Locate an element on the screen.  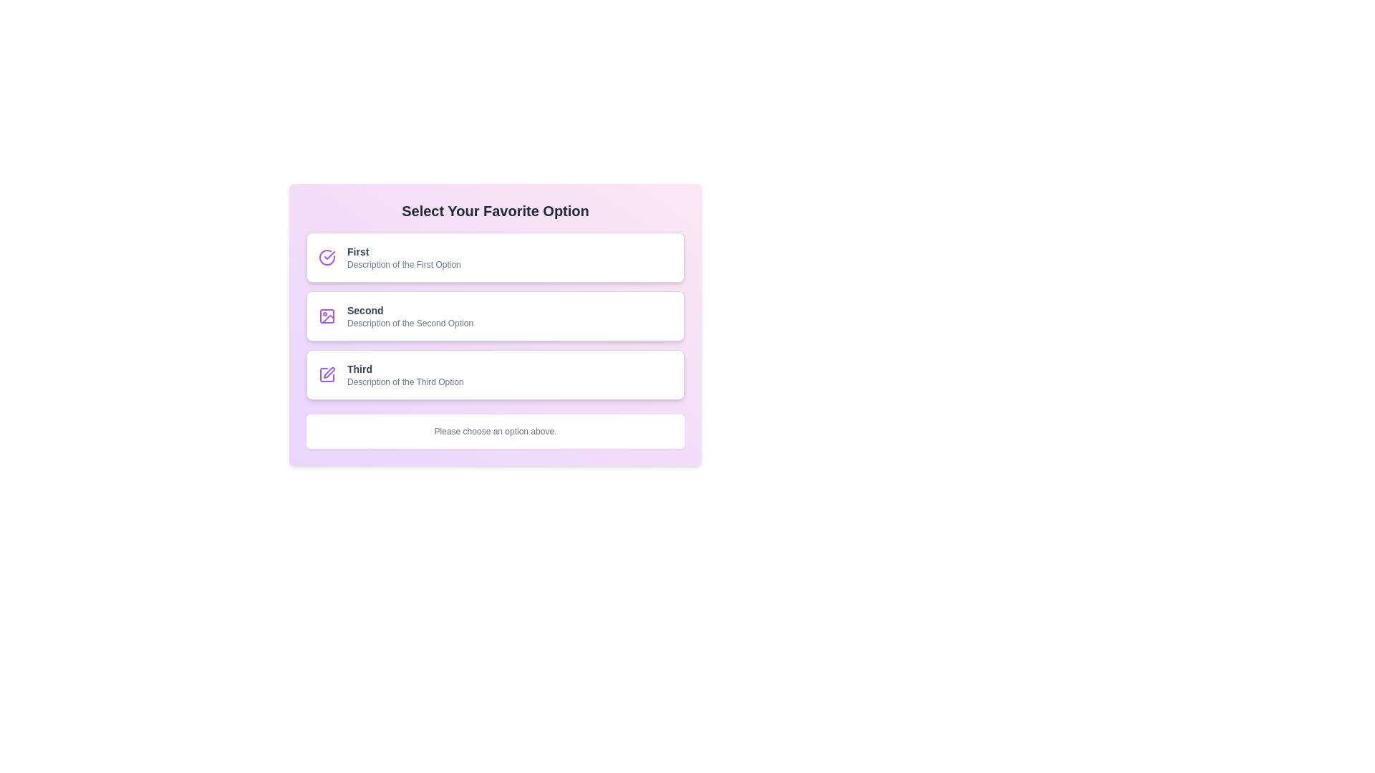
the static text description that provides additional information about the 'First' option, positioned directly below the label 'First' is located at coordinates (403, 265).